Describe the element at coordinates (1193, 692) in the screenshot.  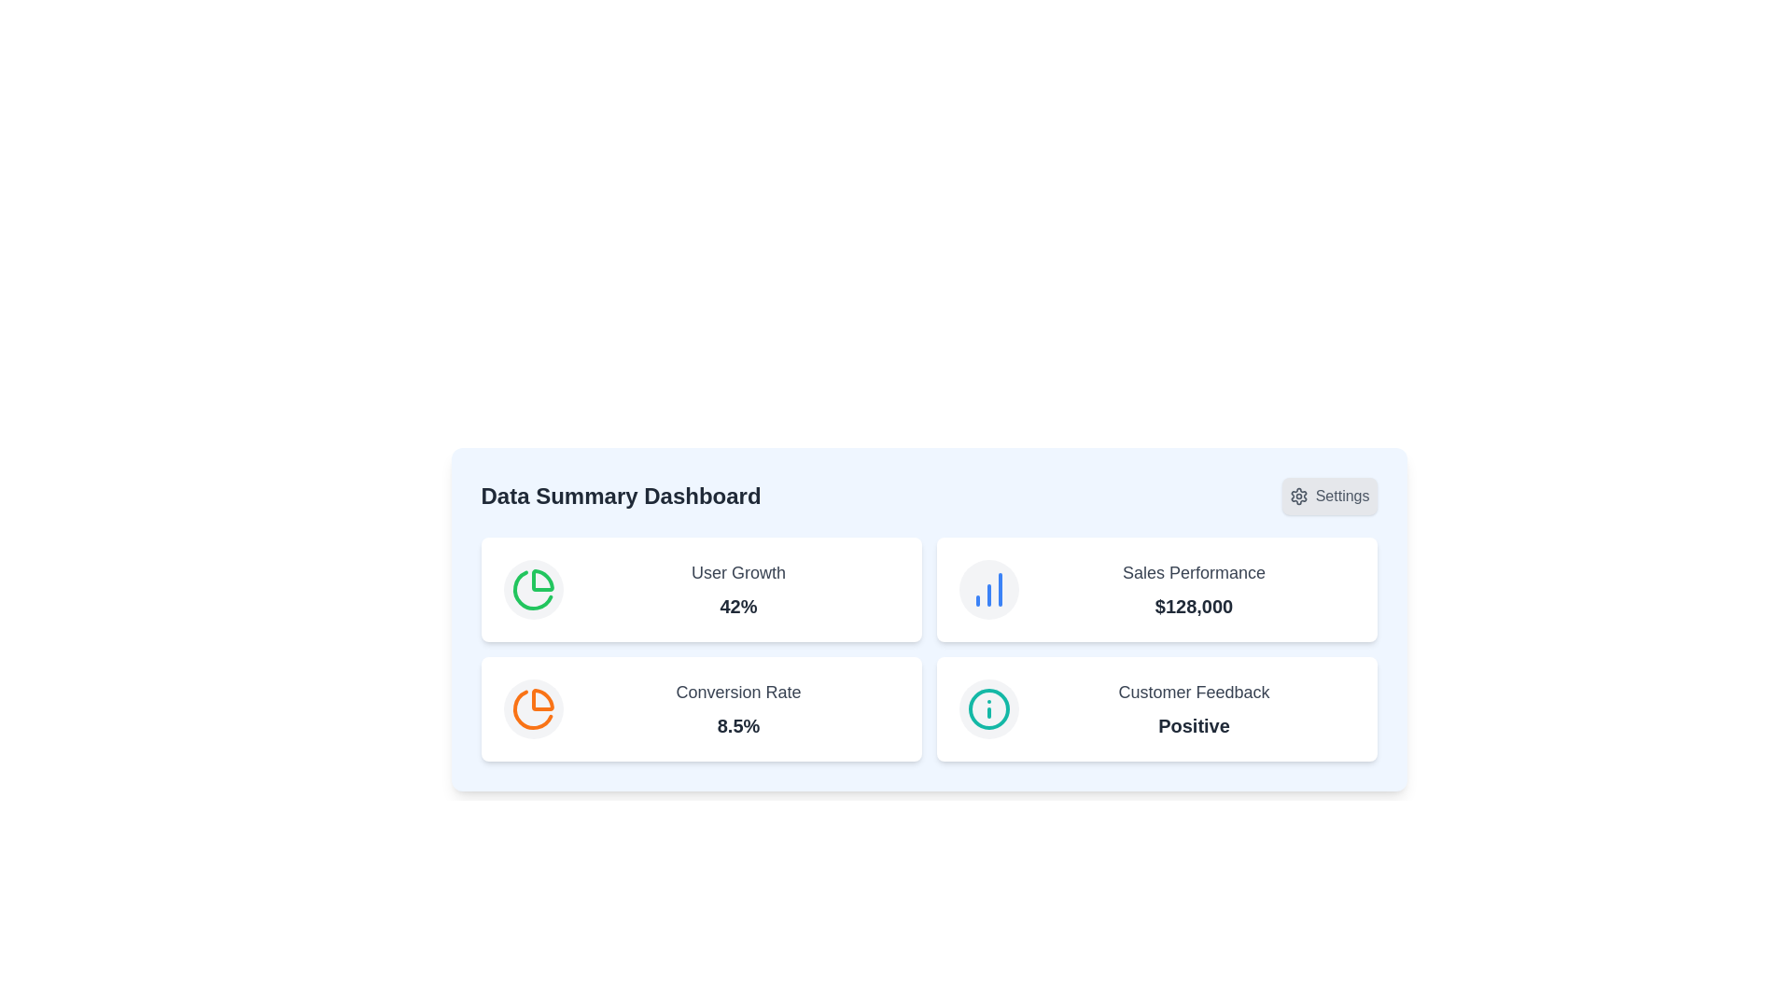
I see `the descriptive Text label located near the bottom-right corner of the dashboard interface, positioned above the text 'Positive' and next to an information icon` at that location.